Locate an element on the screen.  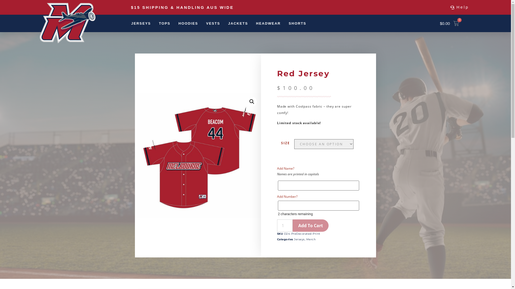
'JERSEYS' is located at coordinates (141, 23).